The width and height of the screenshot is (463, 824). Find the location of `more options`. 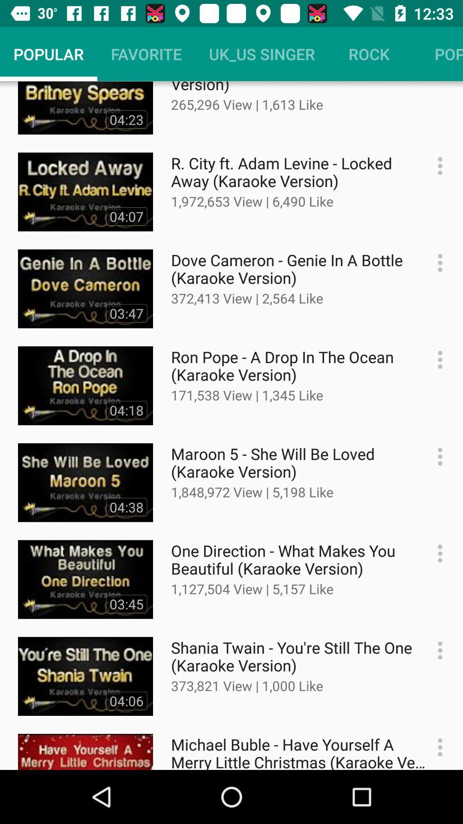

more options is located at coordinates (436, 360).